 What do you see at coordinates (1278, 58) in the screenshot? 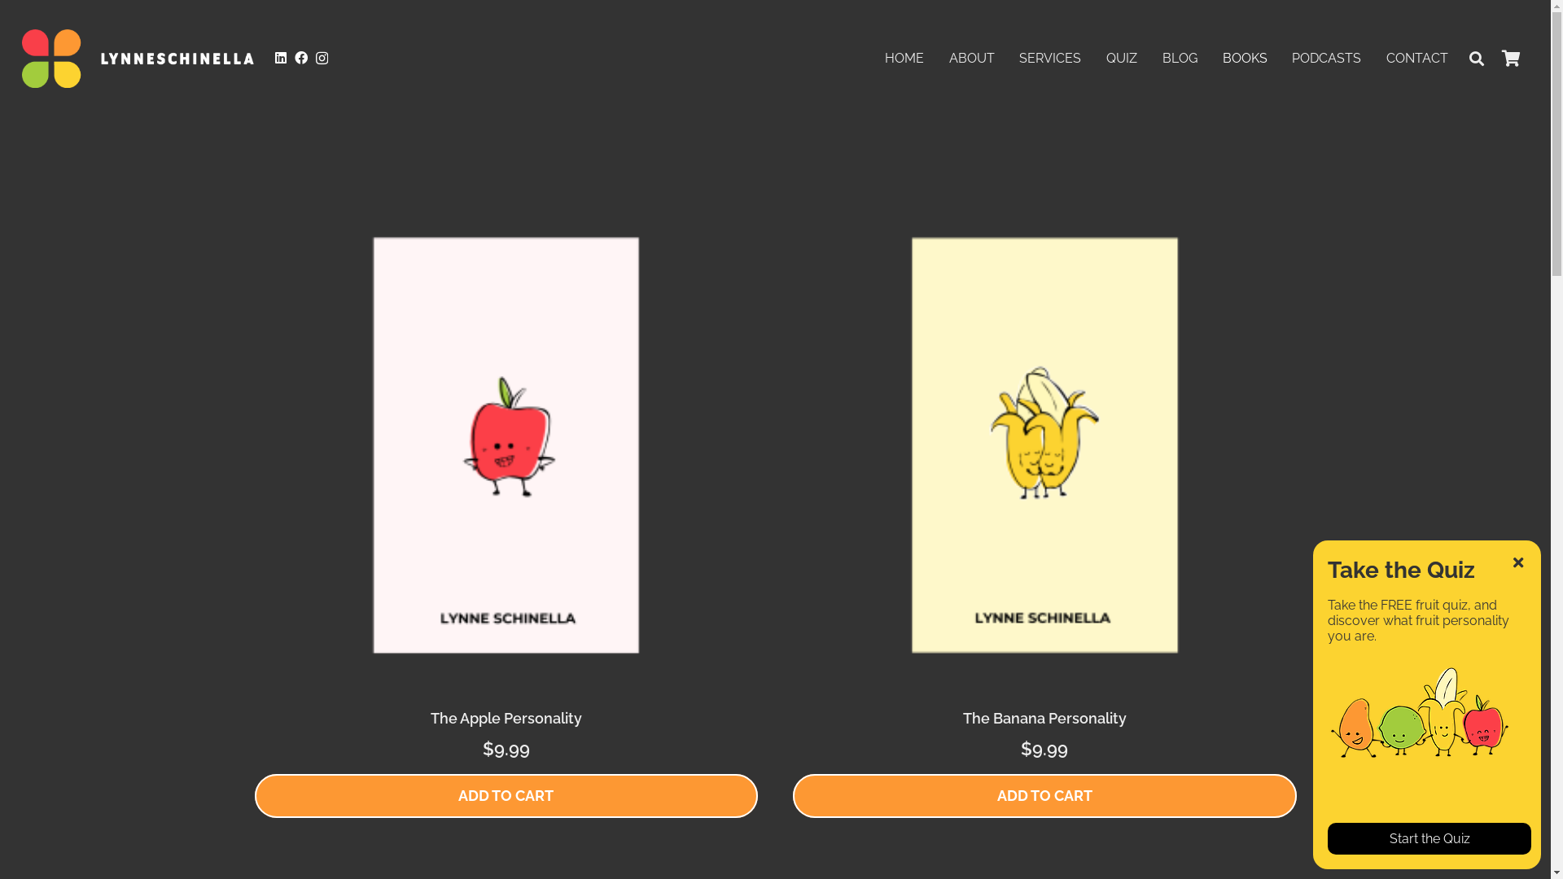
I see `'PODCASTS'` at bounding box center [1278, 58].